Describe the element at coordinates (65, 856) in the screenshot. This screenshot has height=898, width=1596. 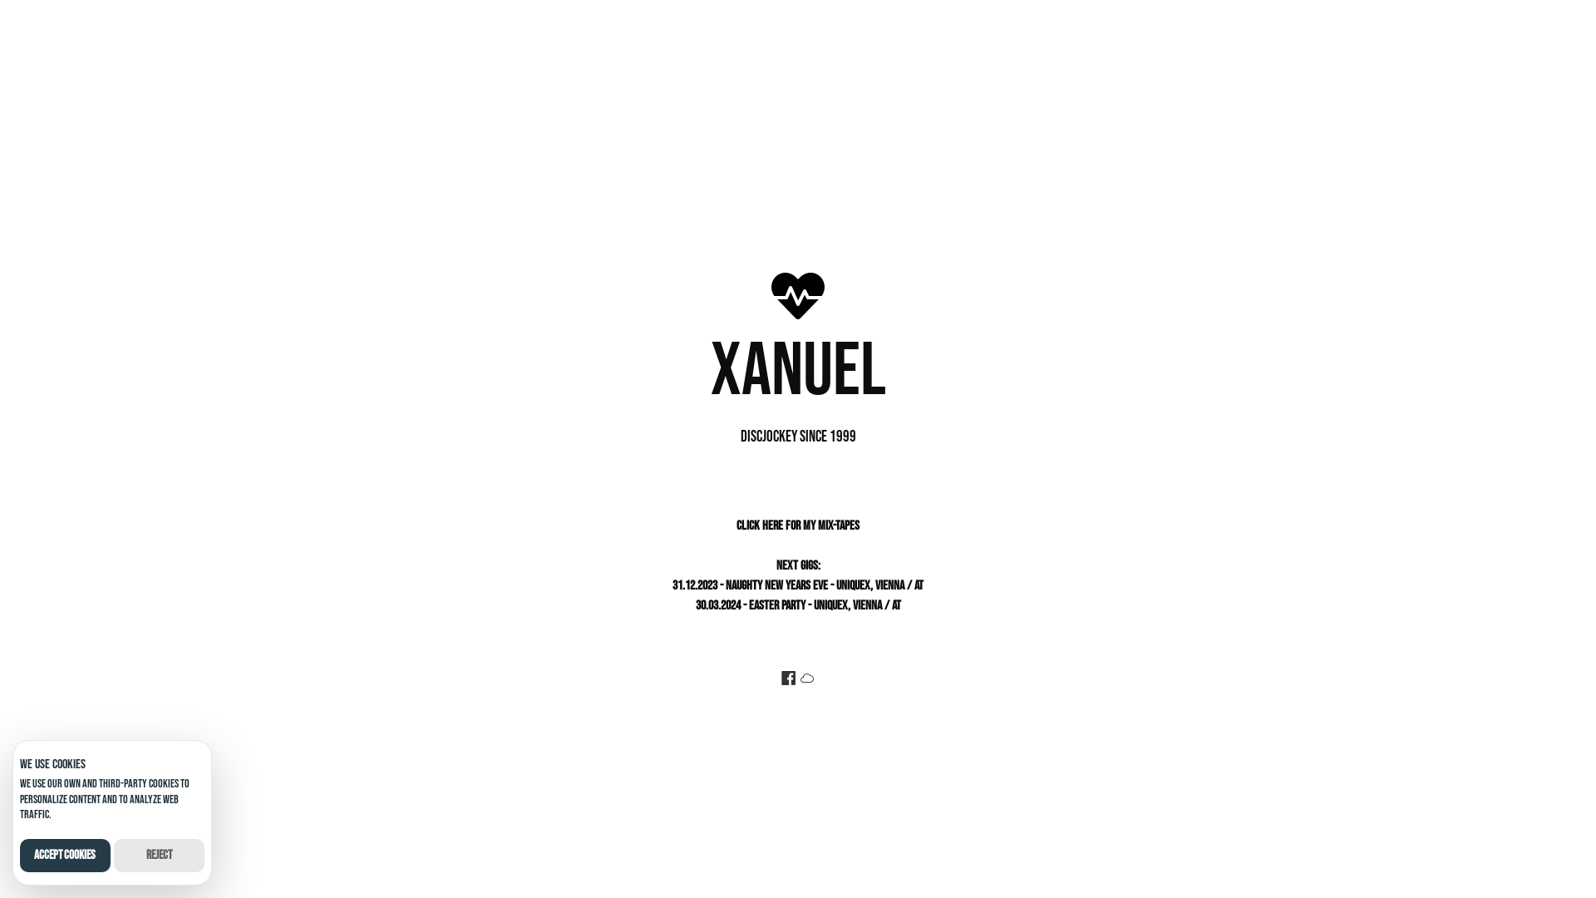
I see `'Accept cookies'` at that location.